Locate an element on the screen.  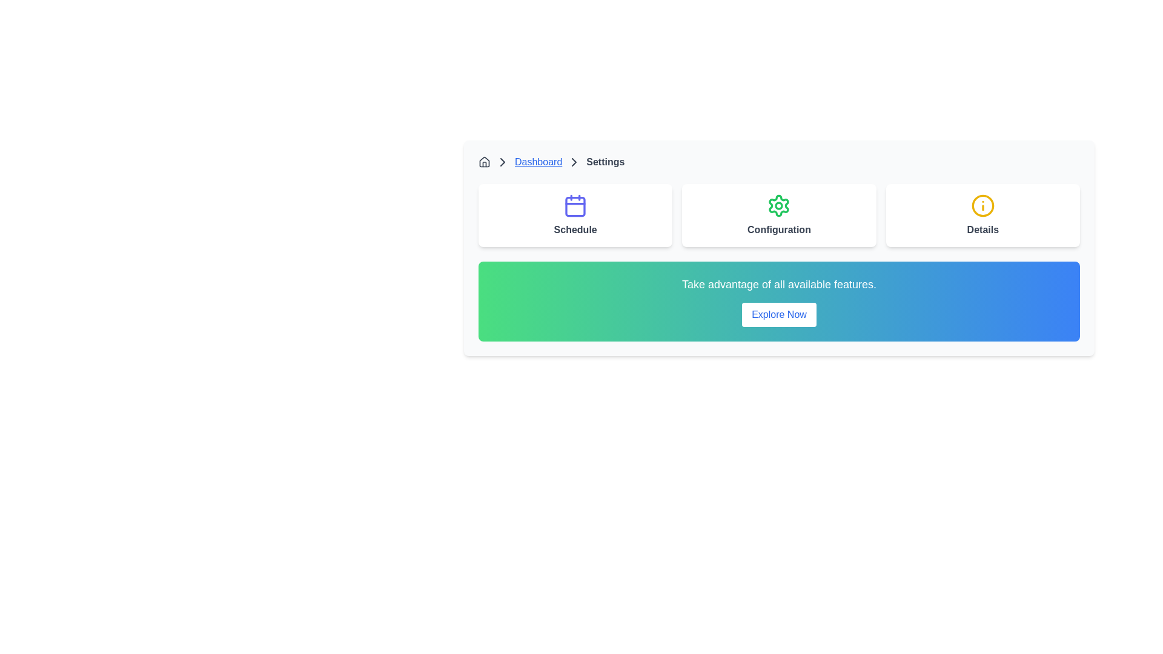
the first chevron icon in the breadcrumb navigation bar is located at coordinates (503, 161).